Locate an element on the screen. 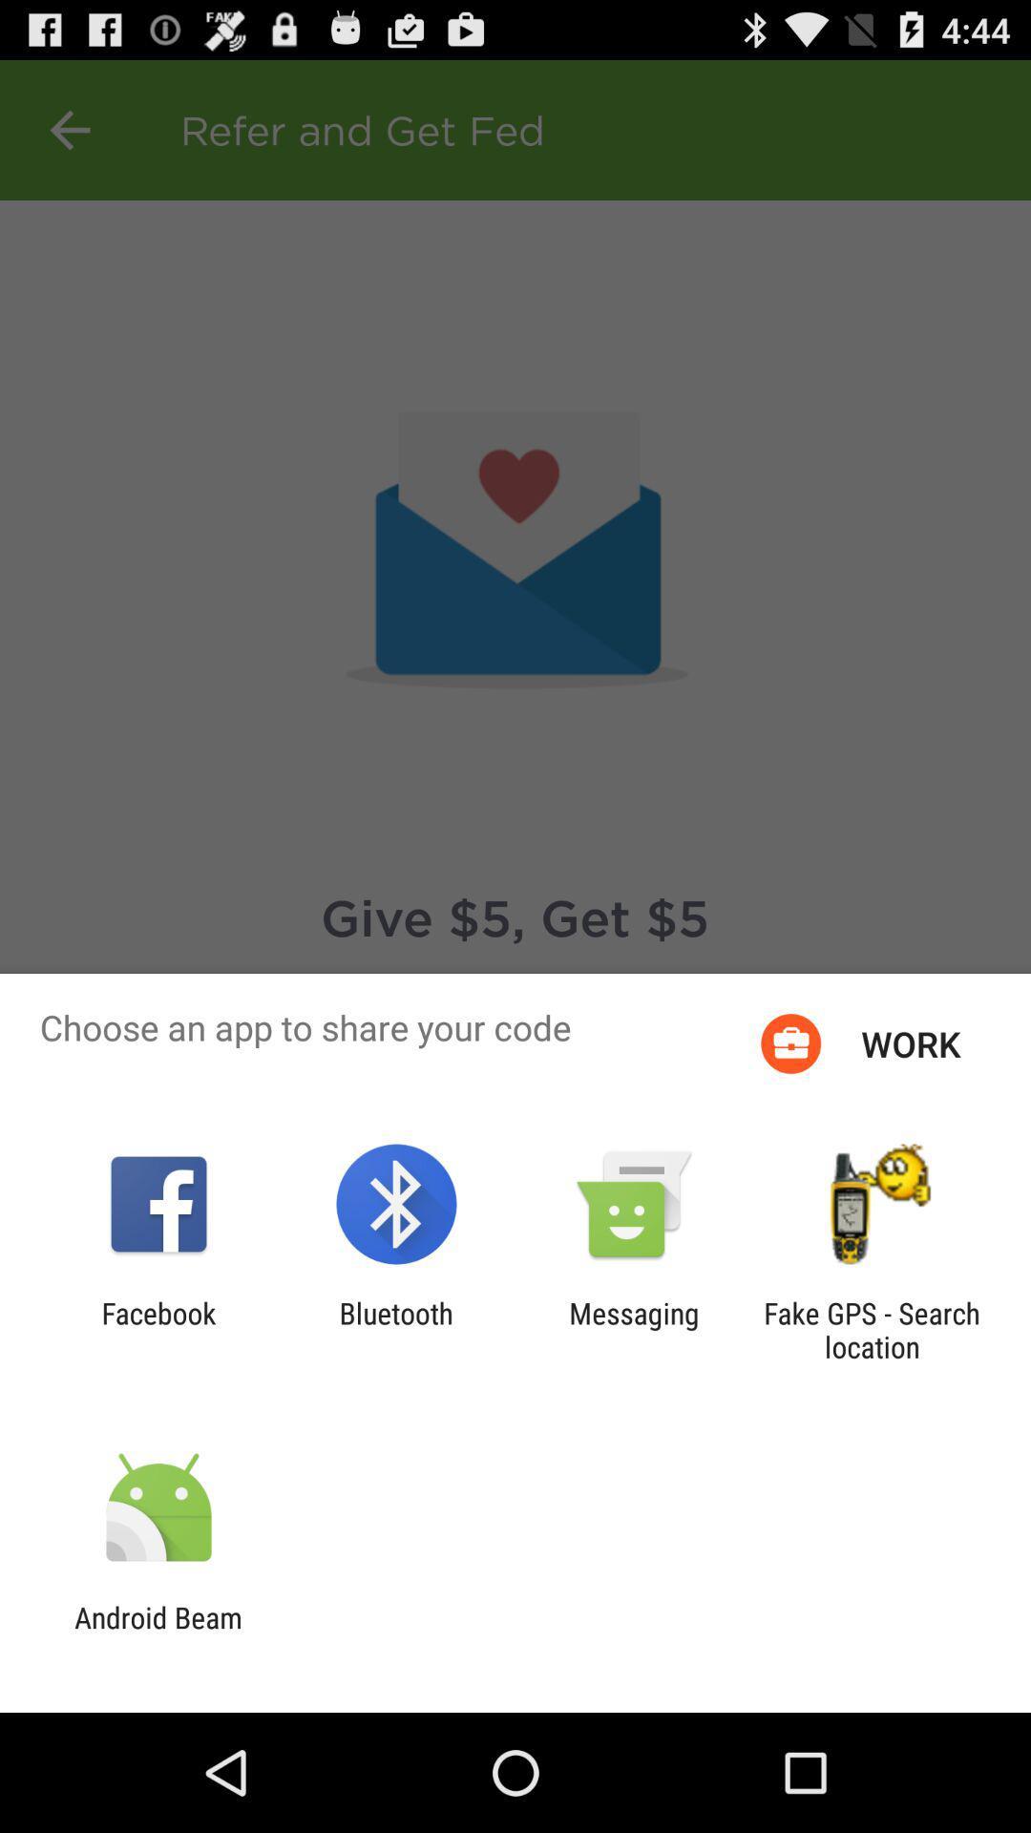  android beam is located at coordinates (158, 1633).